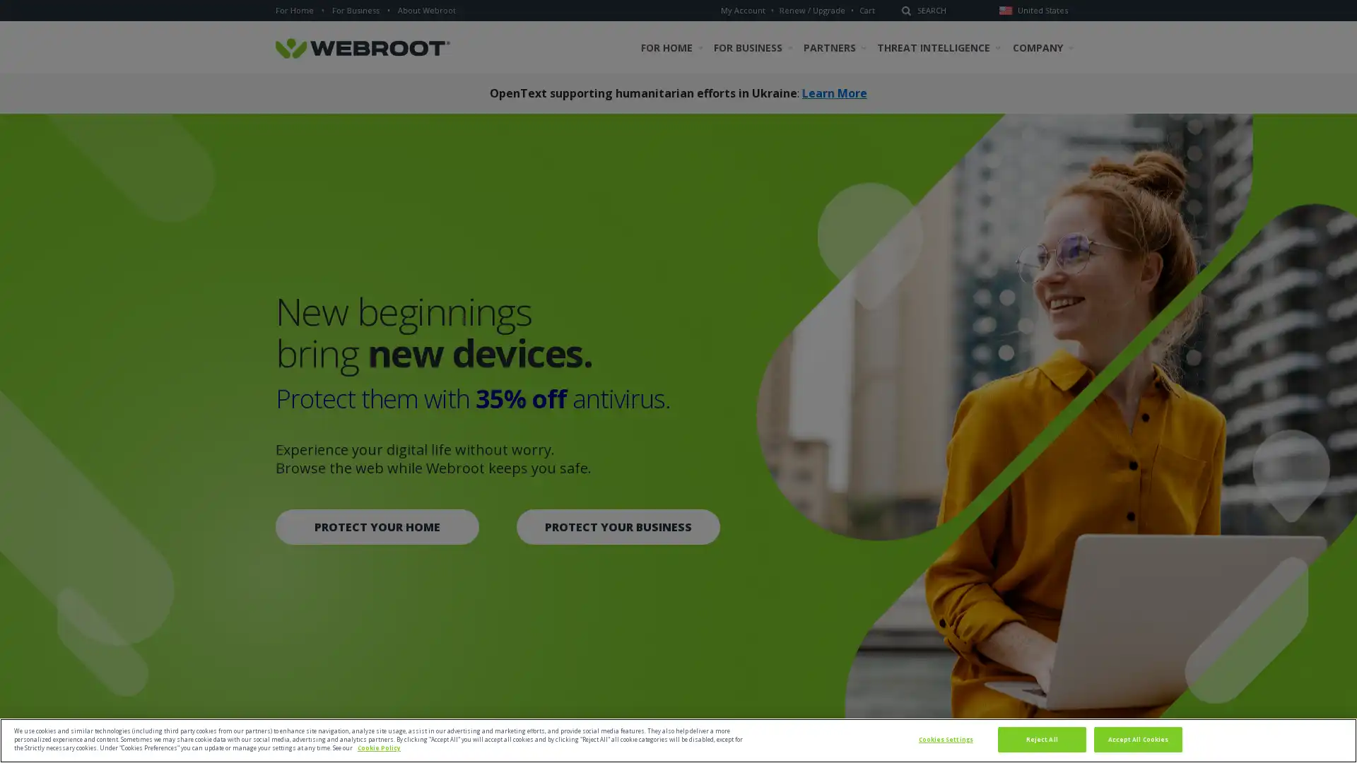 The width and height of the screenshot is (1357, 763). Describe the element at coordinates (1041, 738) in the screenshot. I see `Reject All` at that location.